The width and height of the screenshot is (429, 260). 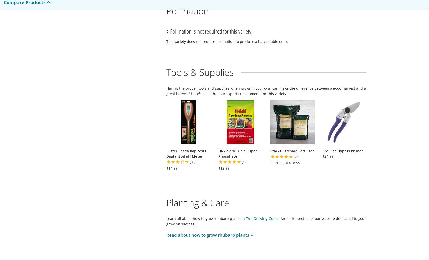 I want to click on '(1)', so click(x=244, y=162).